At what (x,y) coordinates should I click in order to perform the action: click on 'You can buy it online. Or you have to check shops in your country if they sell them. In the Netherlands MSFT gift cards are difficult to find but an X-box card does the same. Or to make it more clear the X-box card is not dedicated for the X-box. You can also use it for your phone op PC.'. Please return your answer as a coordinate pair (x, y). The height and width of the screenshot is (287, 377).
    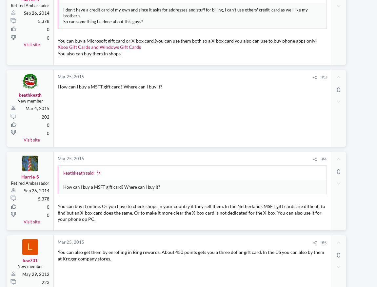
    Looking at the image, I should click on (151, 222).